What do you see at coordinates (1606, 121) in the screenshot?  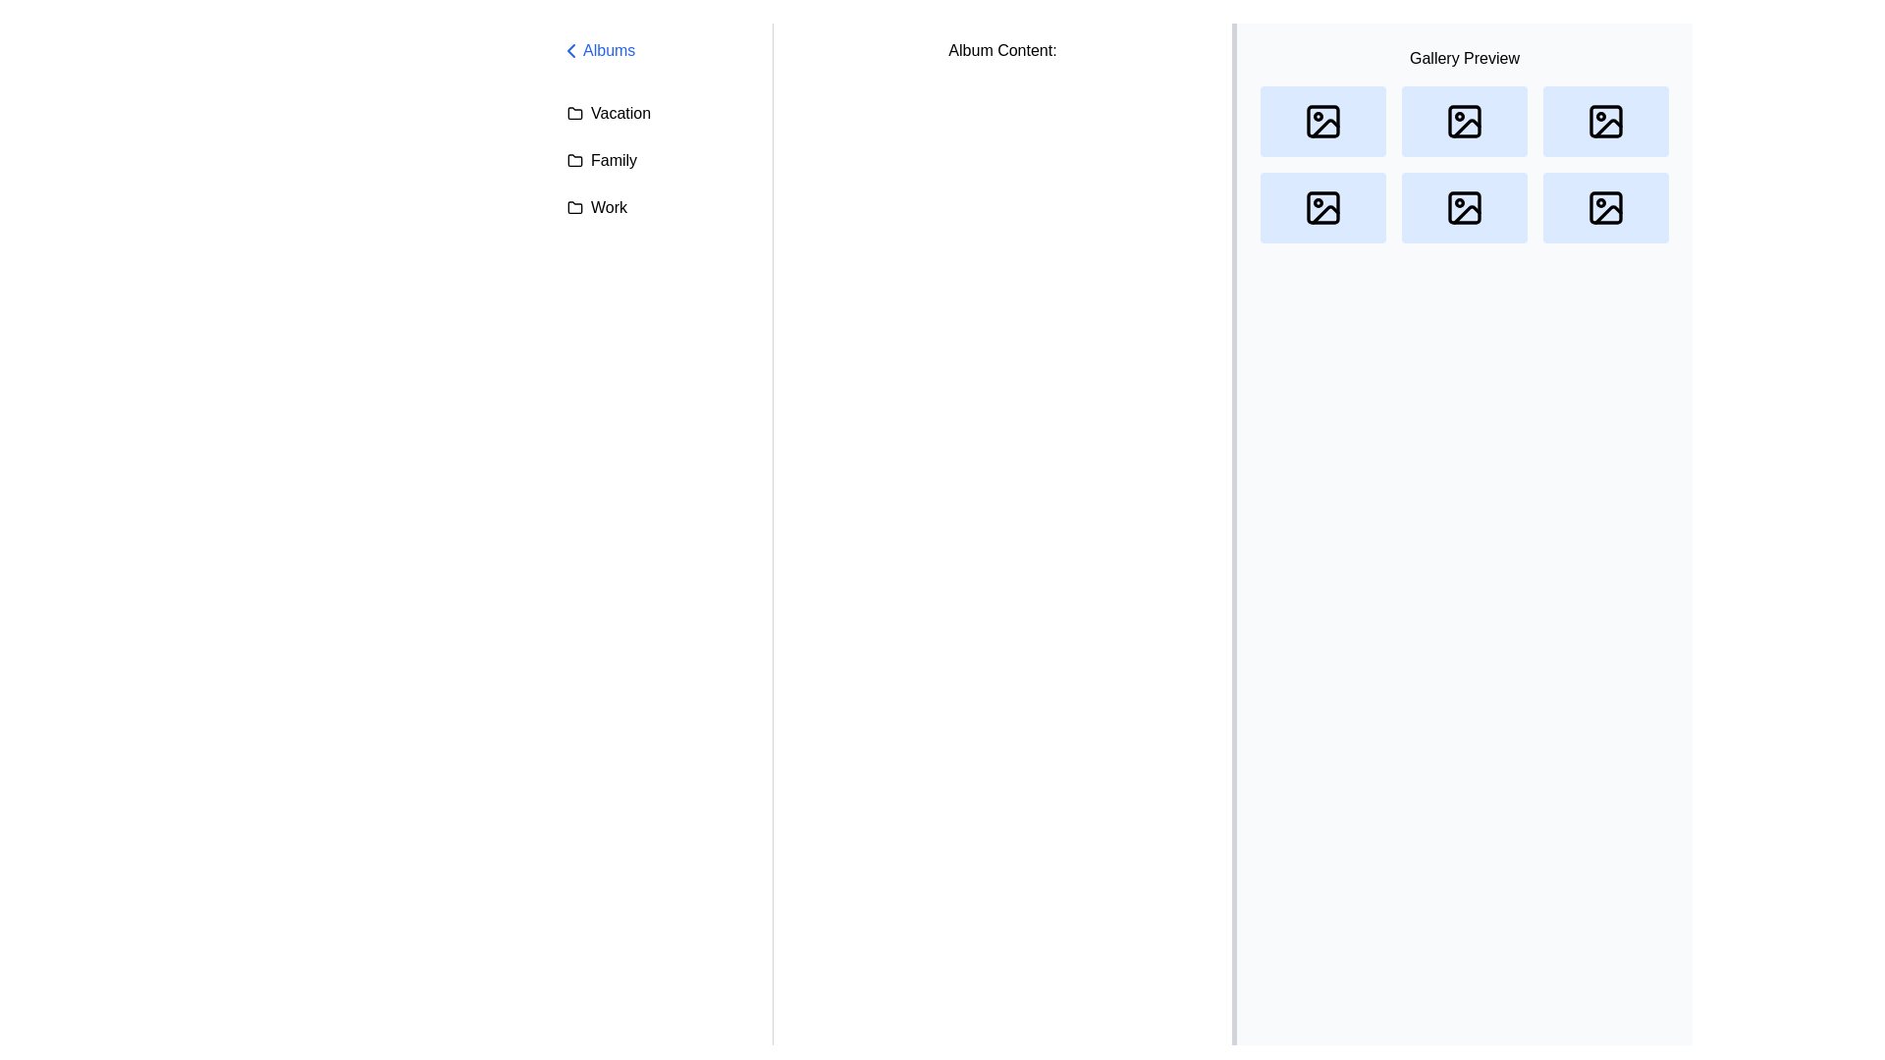 I see `the icon representing a generic image located in the top row and third column of the Gallery Preview section` at bounding box center [1606, 121].